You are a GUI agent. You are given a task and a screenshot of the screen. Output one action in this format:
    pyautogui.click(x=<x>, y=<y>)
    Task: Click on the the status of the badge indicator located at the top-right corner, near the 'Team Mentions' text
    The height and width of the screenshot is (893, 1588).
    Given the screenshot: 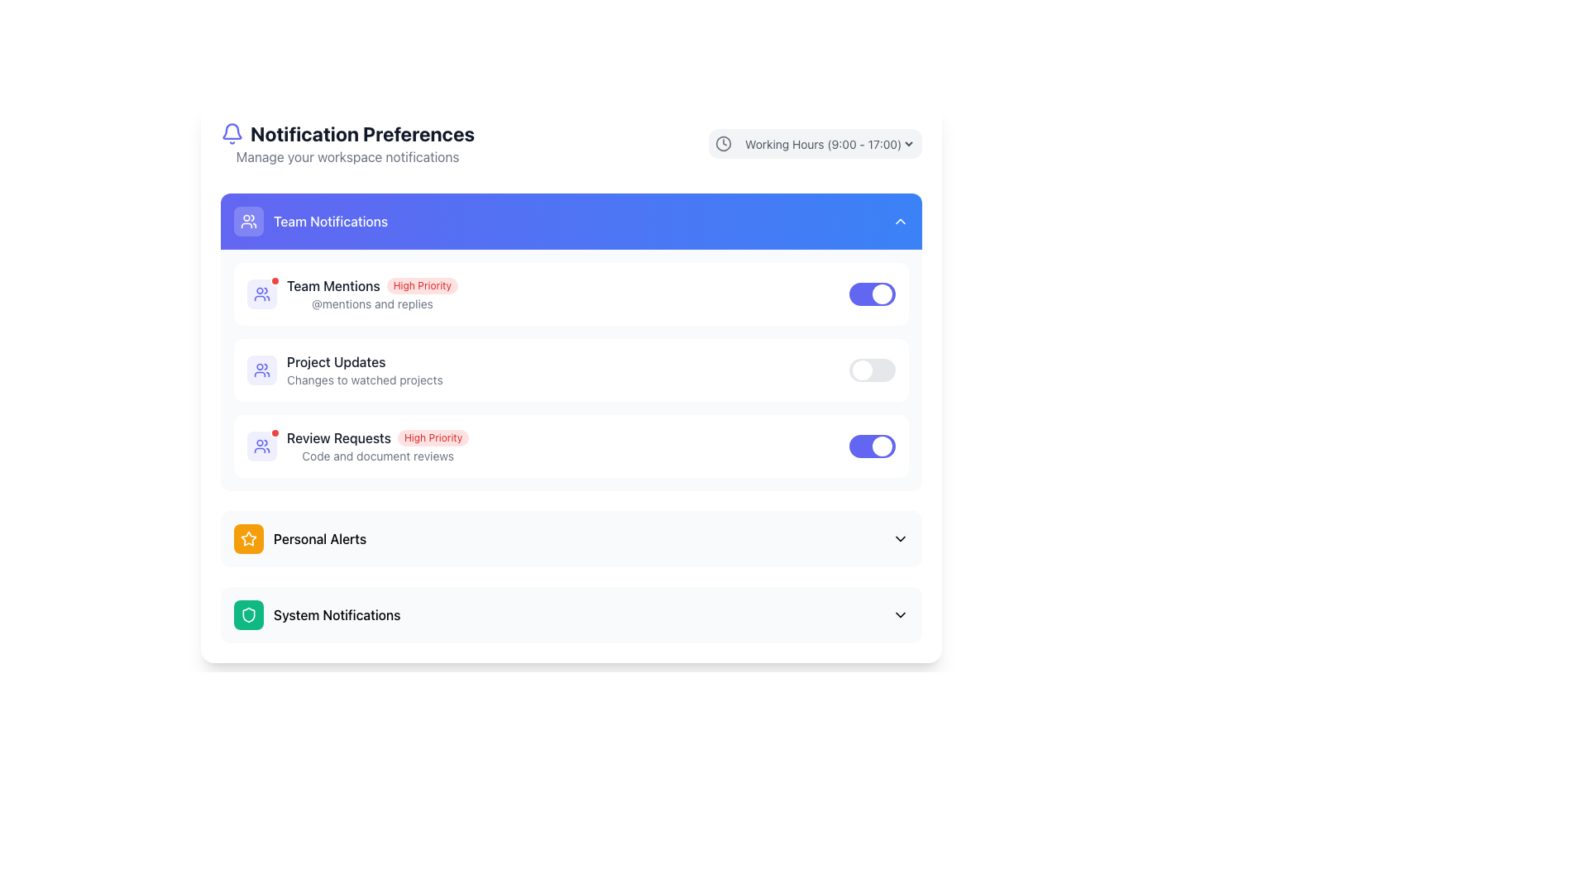 What is the action you would take?
    pyautogui.click(x=275, y=432)
    